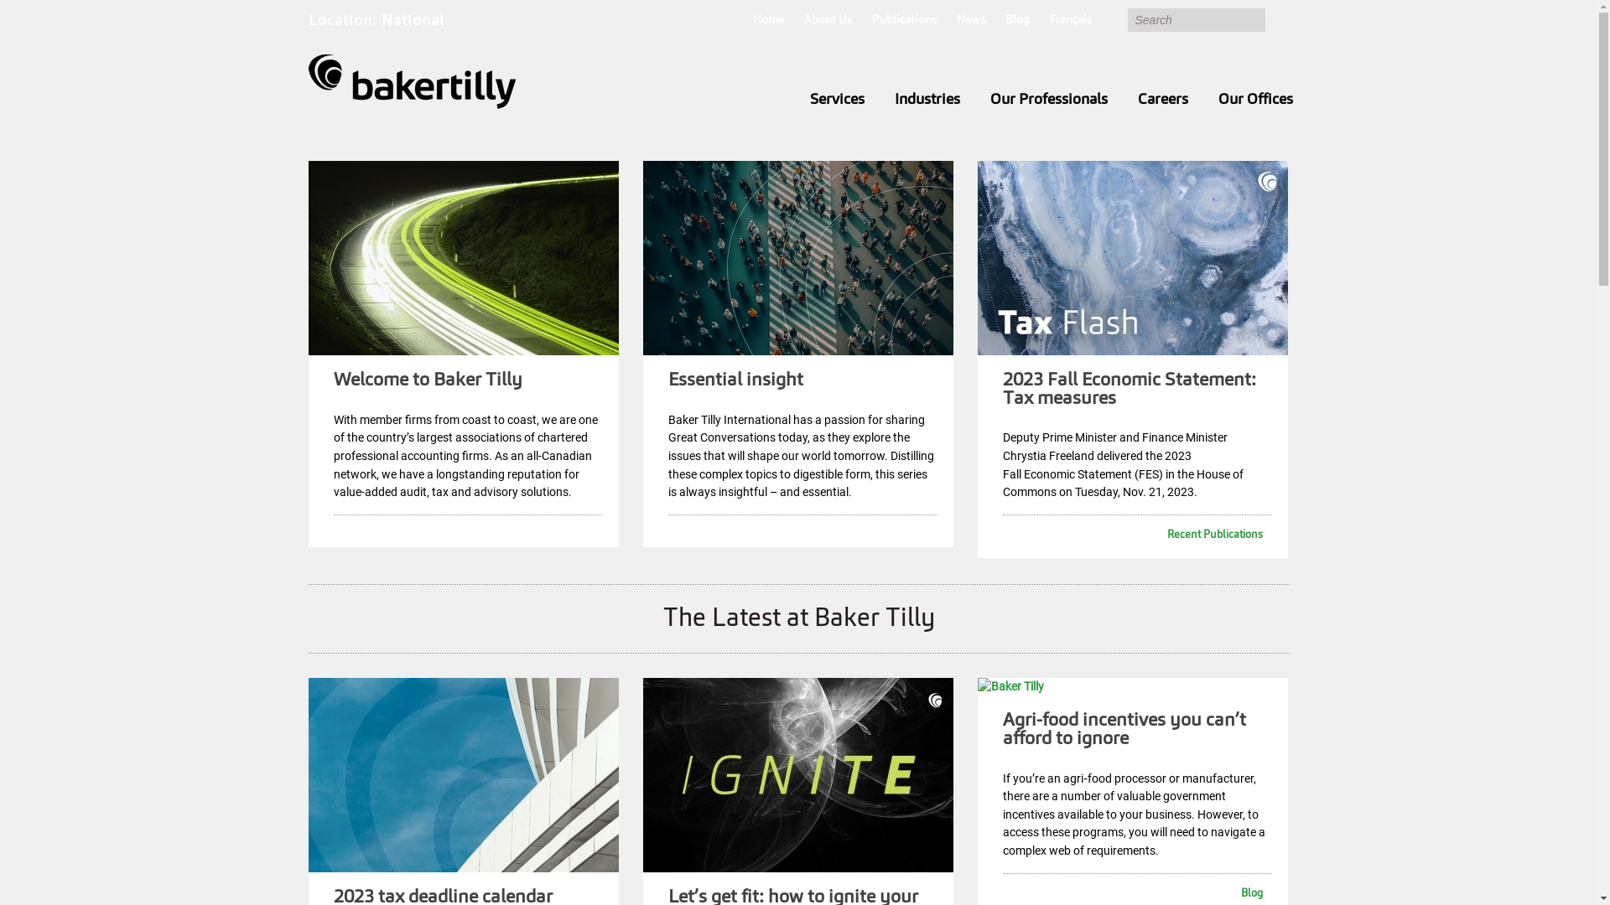 This screenshot has height=905, width=1610. I want to click on 'Industries', so click(925, 100).